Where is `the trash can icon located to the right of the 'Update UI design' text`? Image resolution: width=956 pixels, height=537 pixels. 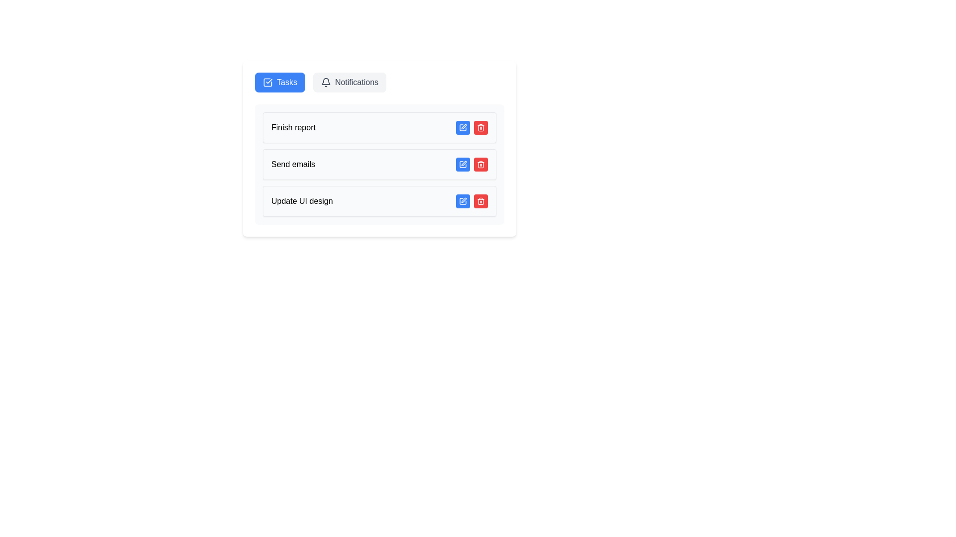
the trash can icon located to the right of the 'Update UI design' text is located at coordinates (480, 201).